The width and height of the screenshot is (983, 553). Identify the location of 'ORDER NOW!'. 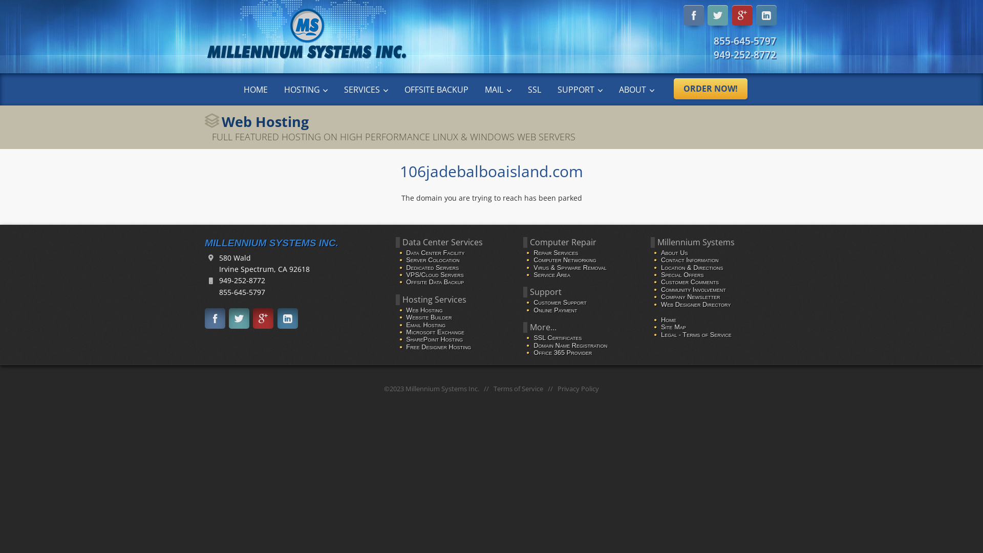
(710, 88).